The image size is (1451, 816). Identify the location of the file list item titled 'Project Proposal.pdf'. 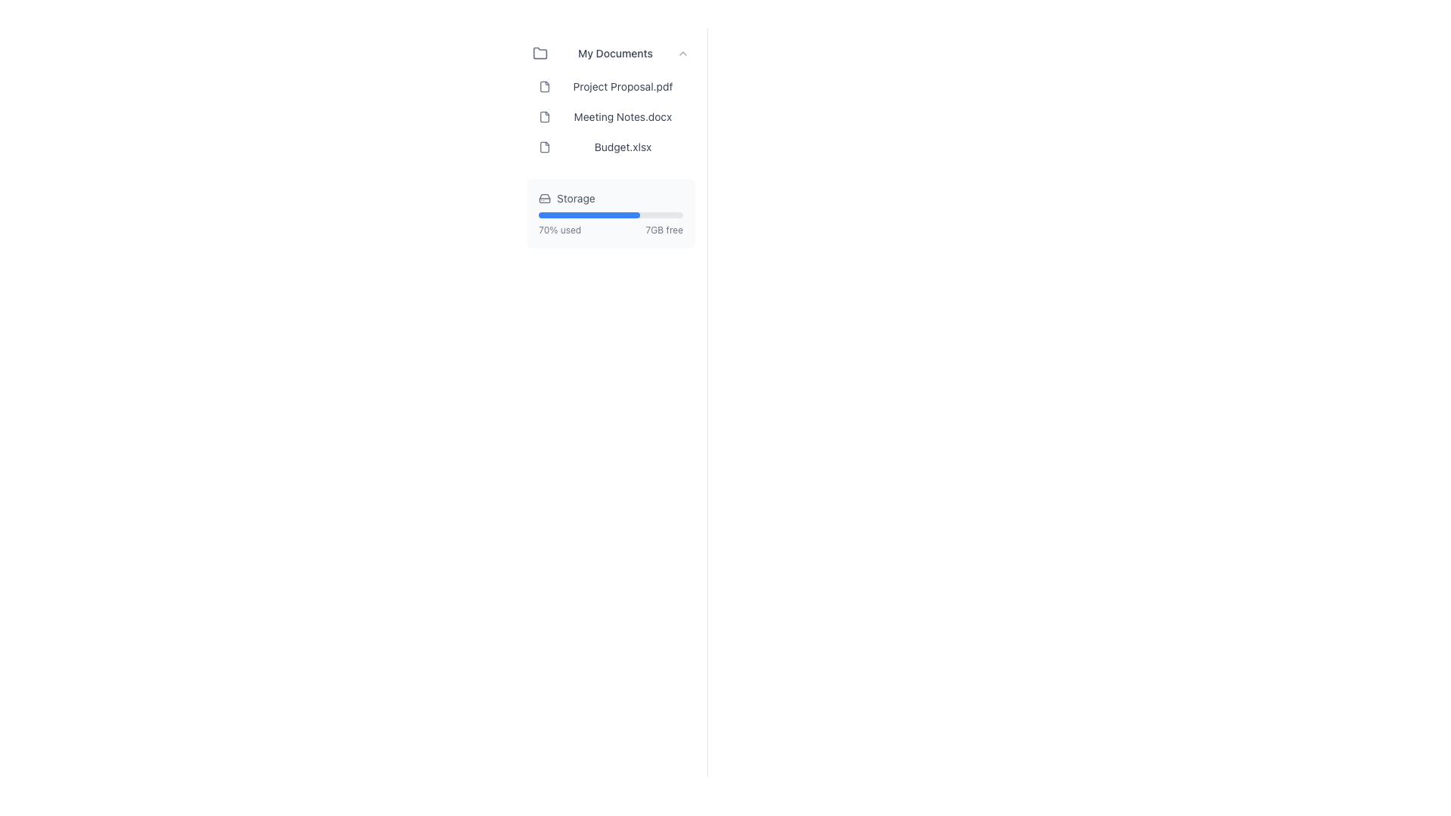
(614, 87).